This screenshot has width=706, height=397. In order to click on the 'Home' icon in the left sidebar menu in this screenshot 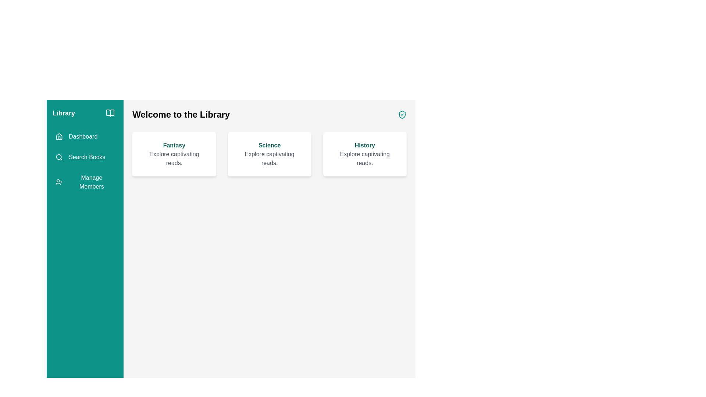, I will do `click(59, 136)`.